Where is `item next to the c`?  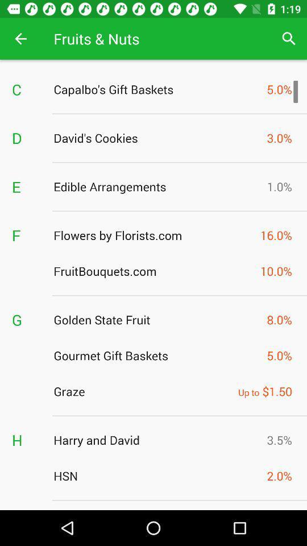 item next to the c is located at coordinates (156, 89).